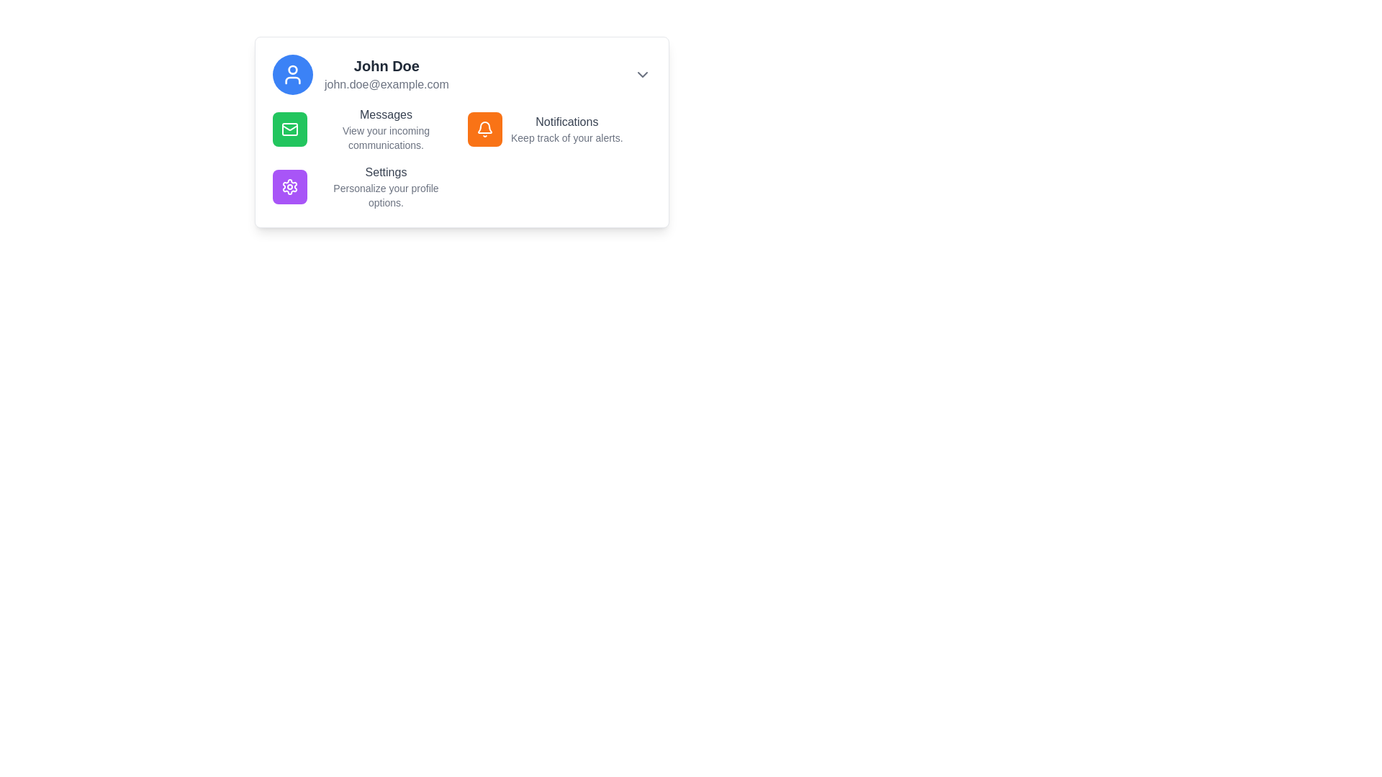  I want to click on the Text Label that describes user notifications, located above 'Keep track of your alerts.' and to the right of the orange bell icon, so click(566, 121).